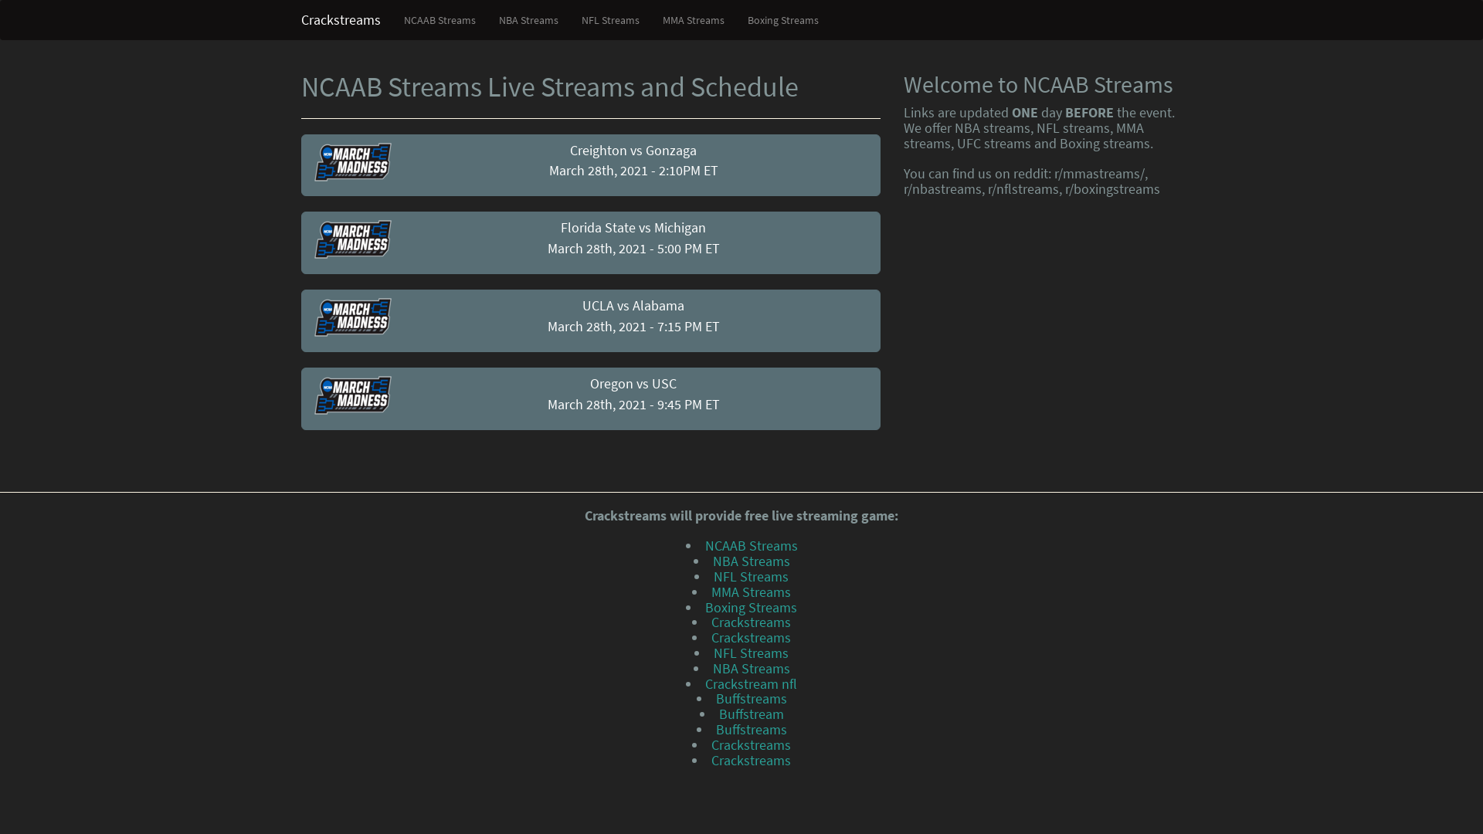 Image resolution: width=1483 pixels, height=834 pixels. I want to click on 'NBA Streams', so click(751, 561).